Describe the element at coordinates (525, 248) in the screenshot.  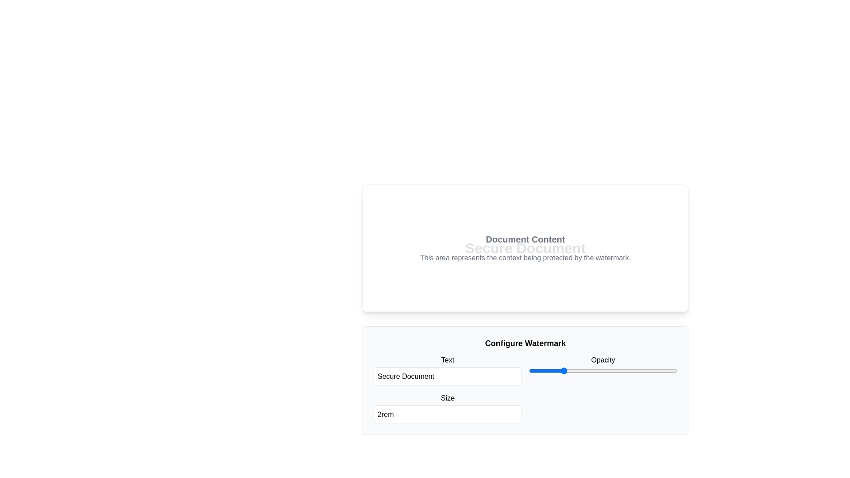
I see `the informational text label located in the middle of the display, which is inside a white bordered and shadowed box, positioned beneath the 'Secure Document' text and above the configure watermark settings section` at that location.